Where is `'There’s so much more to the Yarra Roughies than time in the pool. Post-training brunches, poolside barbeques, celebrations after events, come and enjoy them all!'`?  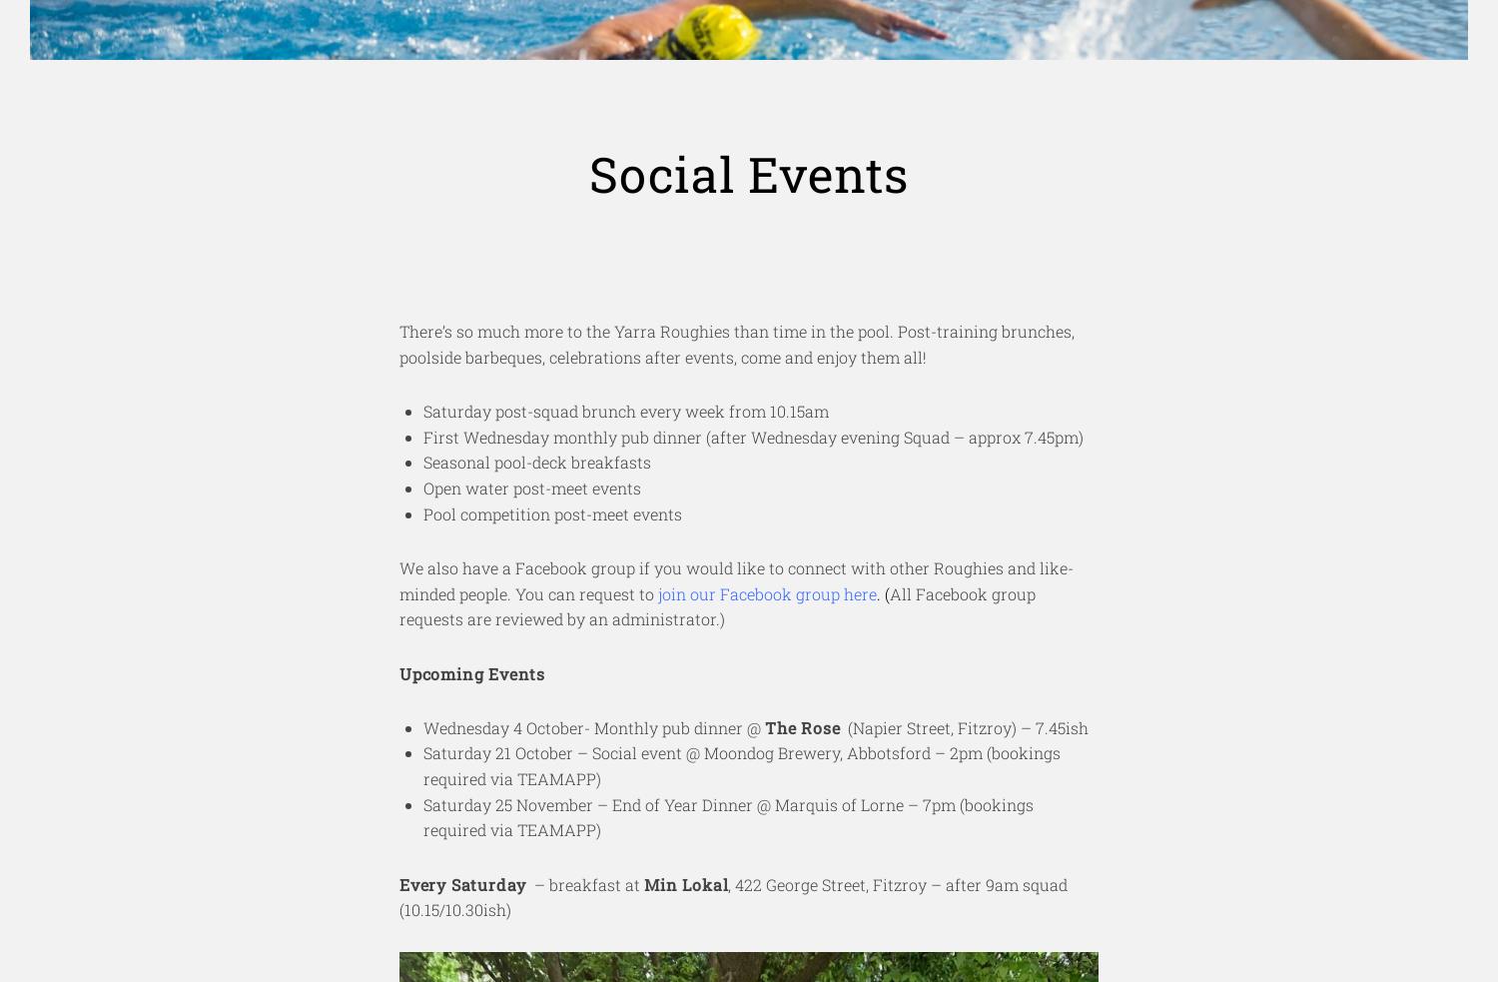
'There’s so much more to the Yarra Roughies than time in the pool. Post-training brunches, poolside barbeques, celebrations after events, come and enjoy them all!' is located at coordinates (736, 342).